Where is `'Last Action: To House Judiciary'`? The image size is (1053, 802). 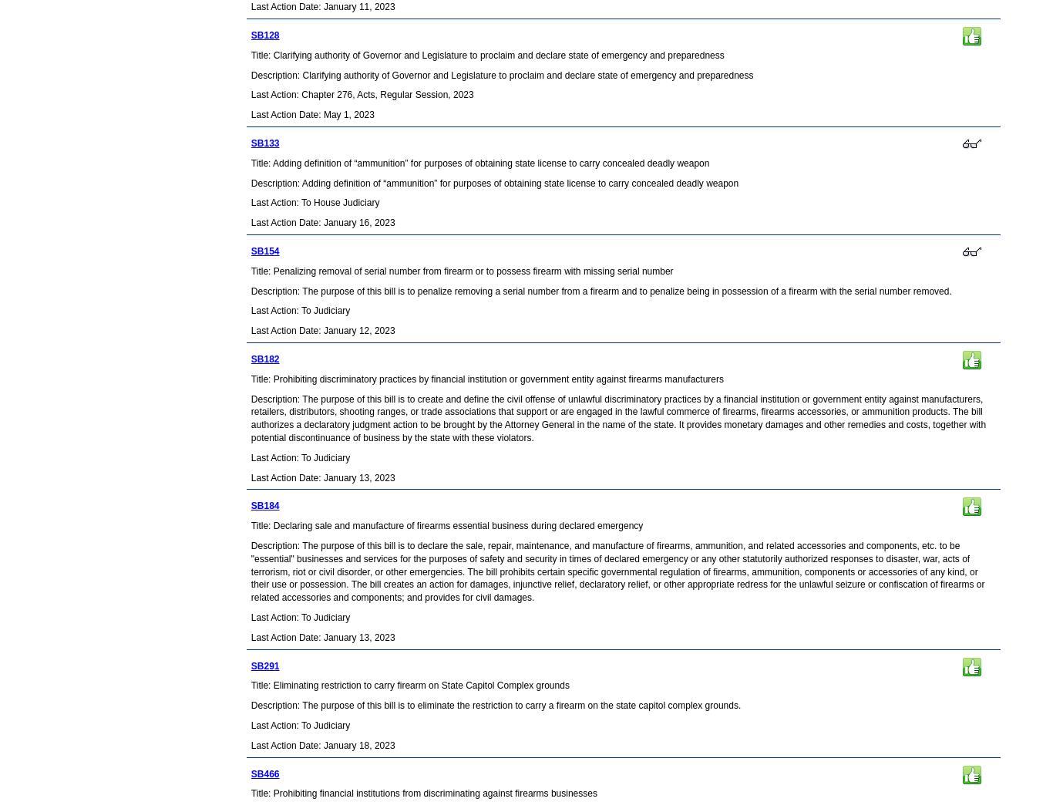
'Last Action: To House Judiciary' is located at coordinates (314, 202).